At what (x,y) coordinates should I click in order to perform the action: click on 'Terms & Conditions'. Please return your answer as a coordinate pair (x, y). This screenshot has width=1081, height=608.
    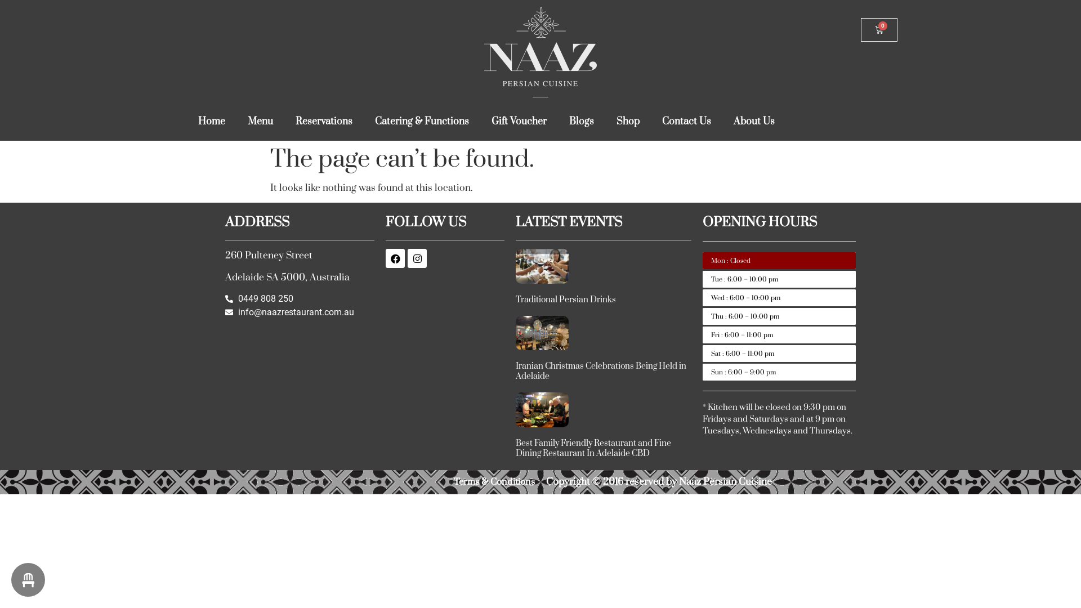
    Looking at the image, I should click on (494, 481).